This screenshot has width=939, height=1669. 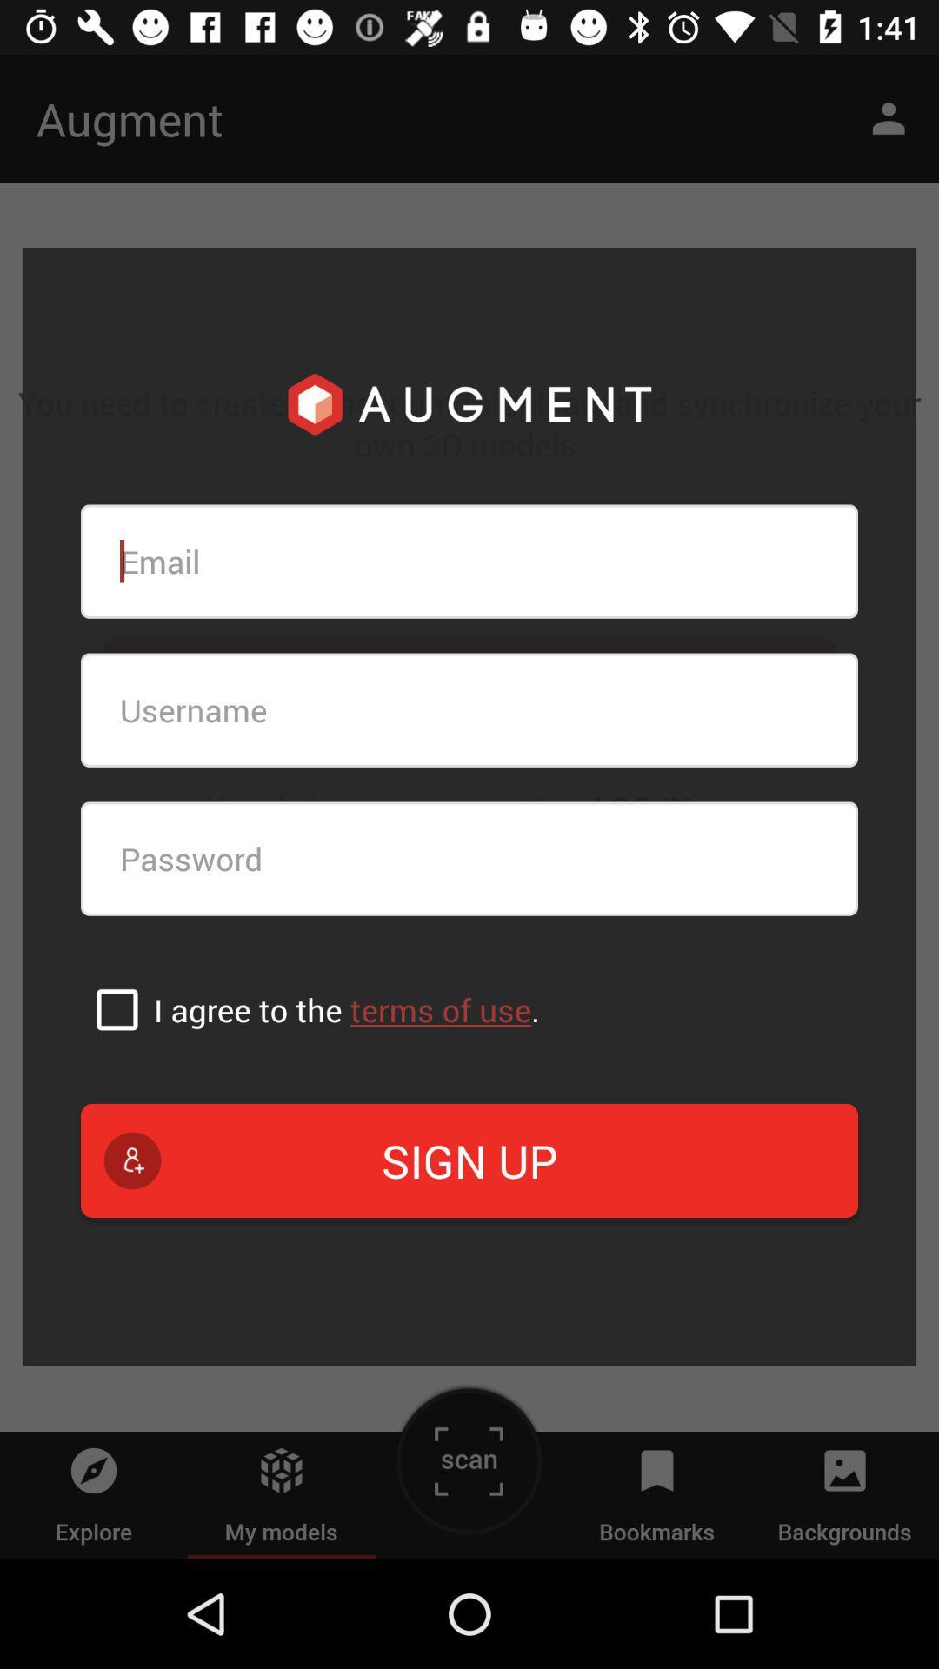 What do you see at coordinates (469, 710) in the screenshot?
I see `the username` at bounding box center [469, 710].